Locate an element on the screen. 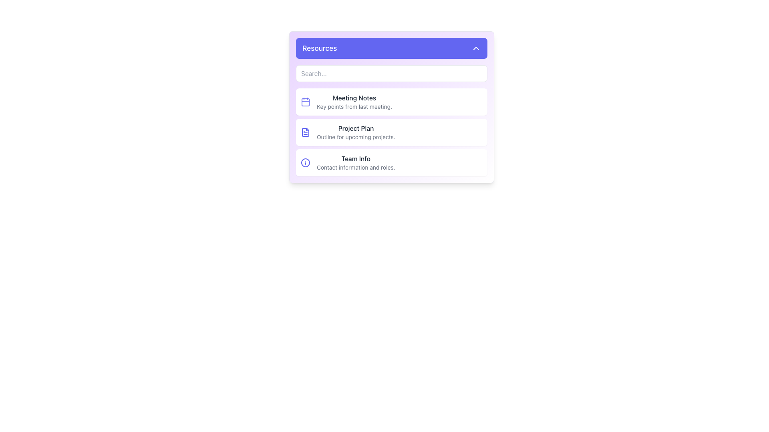  the text block titled 'Meeting Notes' located in the top section of a vertical list within a card is located at coordinates (354, 101).